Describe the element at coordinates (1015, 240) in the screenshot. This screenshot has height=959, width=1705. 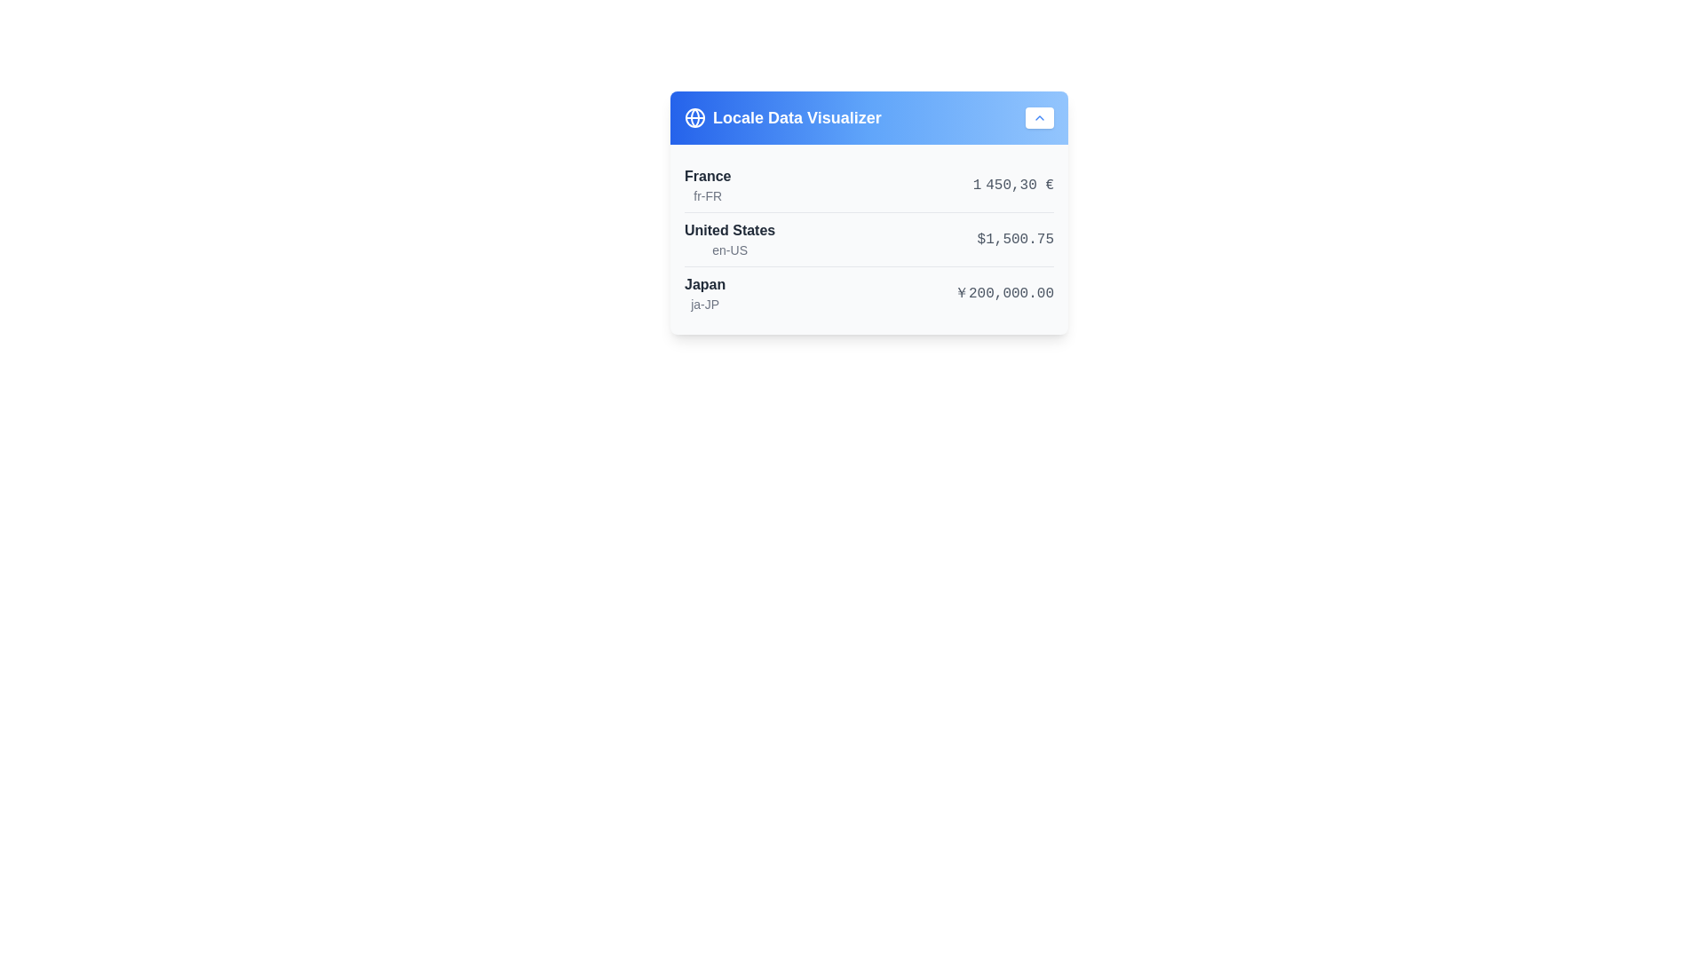
I see `the static text label displaying the currency amount for 'United States', positioned to the right of 'en-US'` at that location.